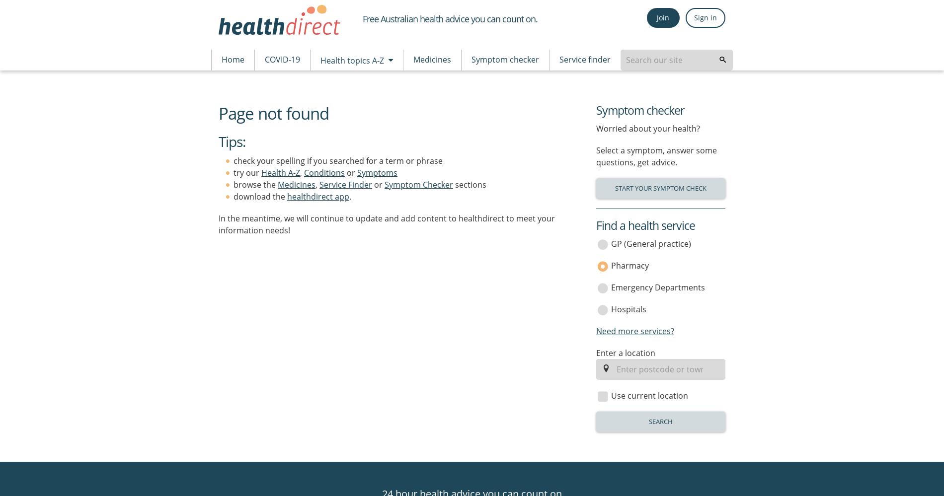 This screenshot has height=496, width=944. Describe the element at coordinates (233, 196) in the screenshot. I see `'download the'` at that location.